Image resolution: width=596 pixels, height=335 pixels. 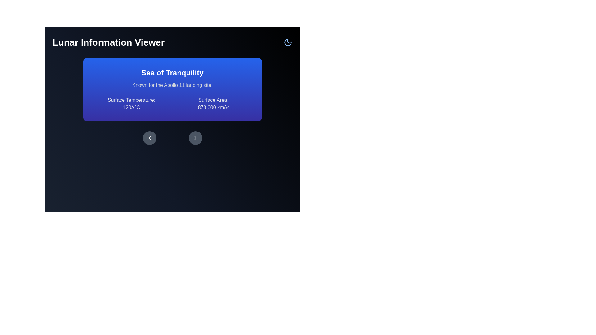 What do you see at coordinates (149, 137) in the screenshot?
I see `the leftward-facing chevron arrow icon, which is styled with a minimalistic stroke design and positioned towards the lower center of the interface` at bounding box center [149, 137].